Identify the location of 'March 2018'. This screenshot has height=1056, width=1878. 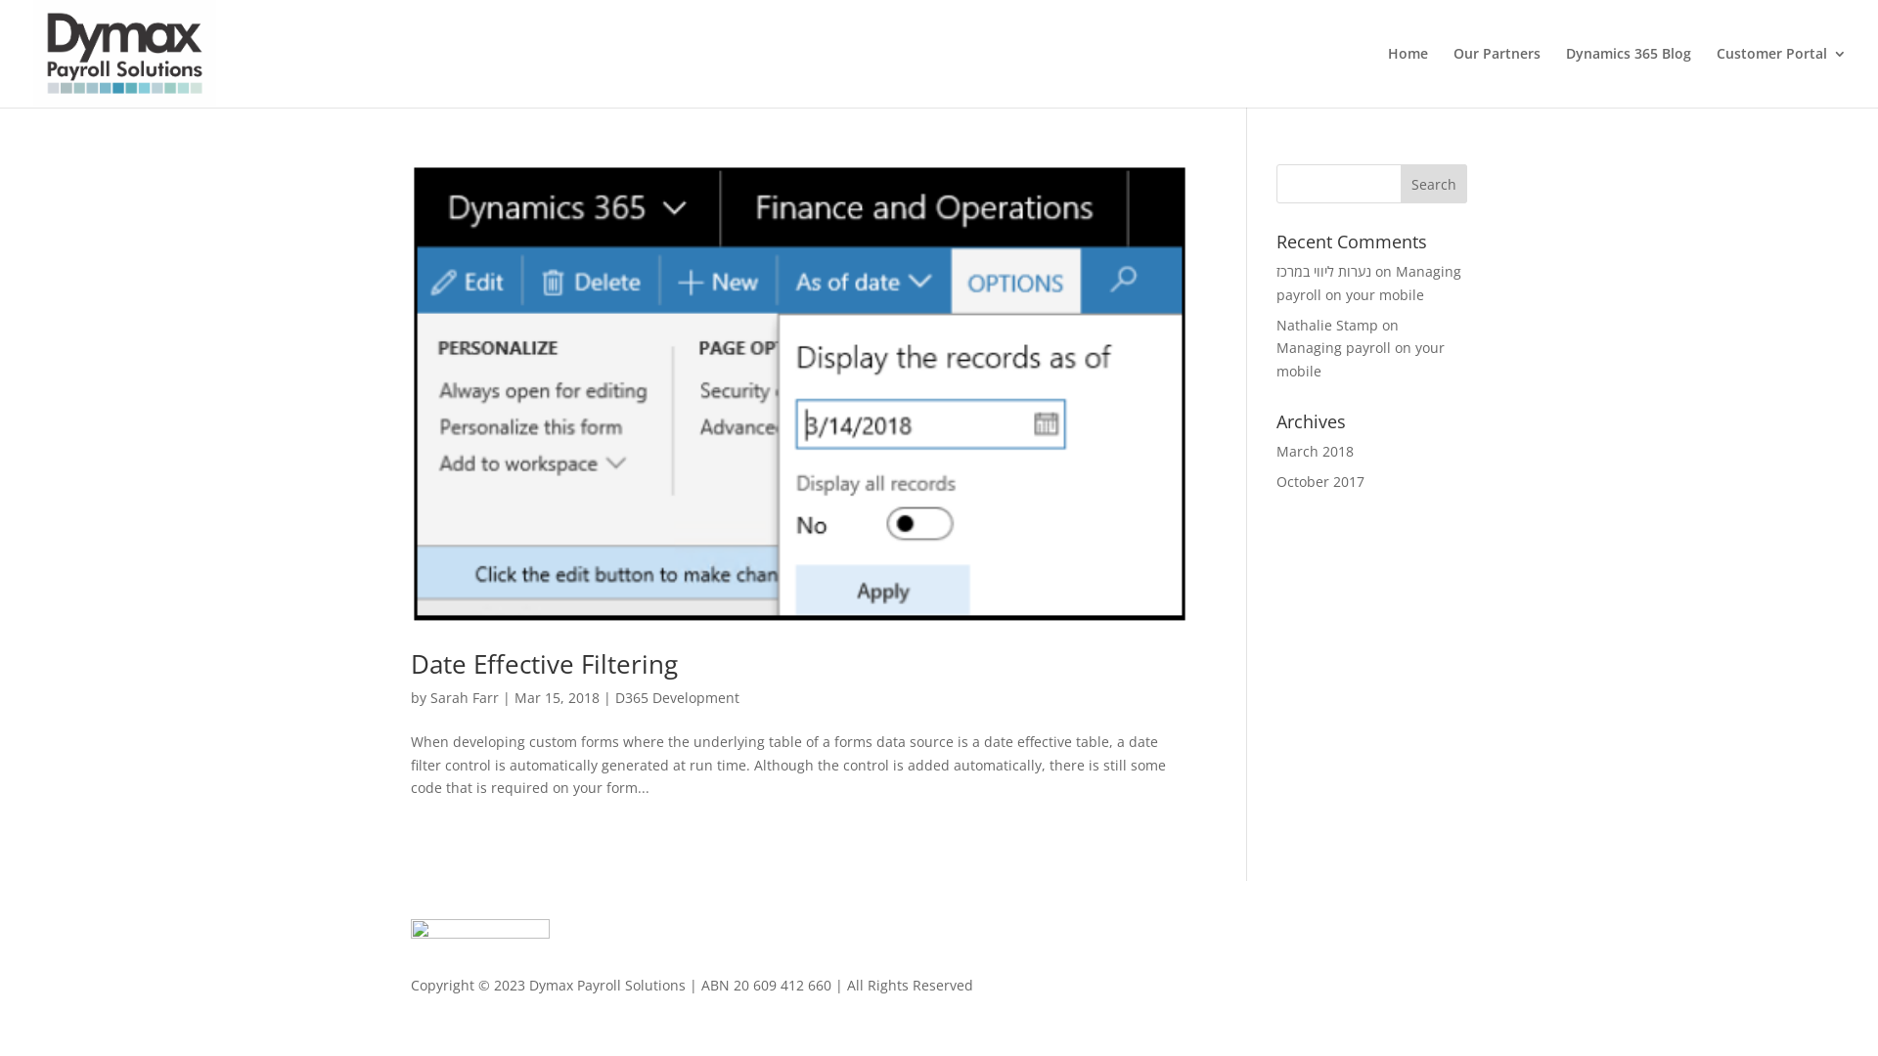
(1315, 451).